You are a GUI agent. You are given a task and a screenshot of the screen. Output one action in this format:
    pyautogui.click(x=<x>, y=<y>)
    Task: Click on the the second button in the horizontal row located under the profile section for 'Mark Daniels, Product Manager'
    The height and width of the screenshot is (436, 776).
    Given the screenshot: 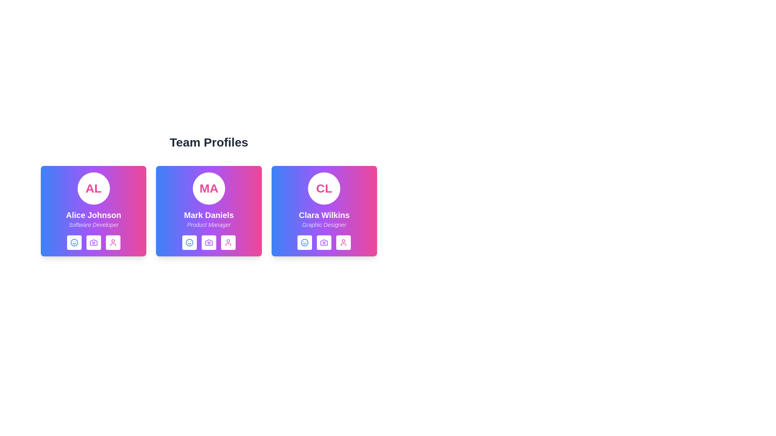 What is the action you would take?
    pyautogui.click(x=209, y=242)
    